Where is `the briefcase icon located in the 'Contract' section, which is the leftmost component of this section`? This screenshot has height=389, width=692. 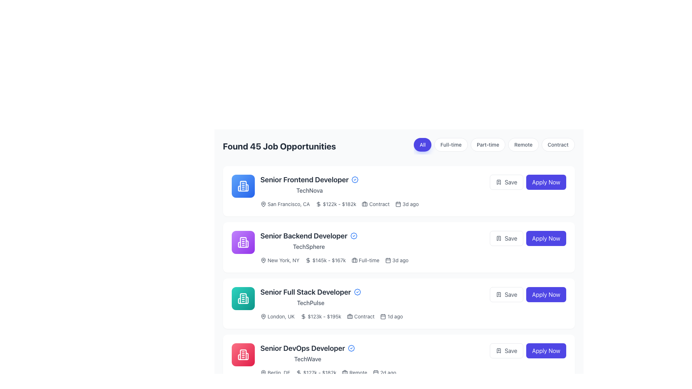
the briefcase icon located in the 'Contract' section, which is the leftmost component of this section is located at coordinates (350, 316).